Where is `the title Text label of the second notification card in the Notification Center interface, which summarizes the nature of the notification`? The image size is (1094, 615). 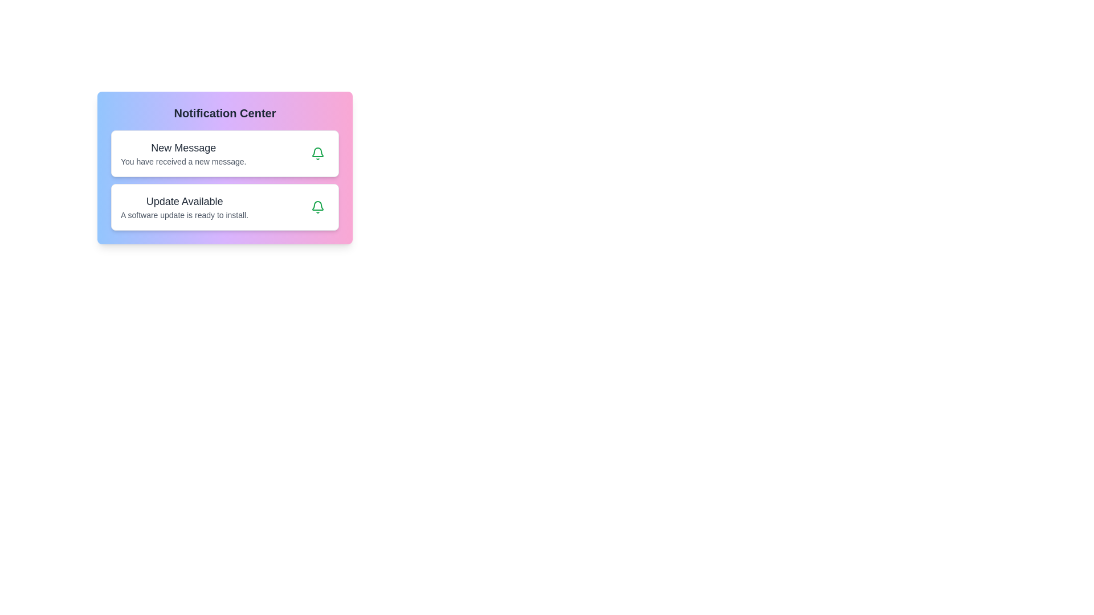 the title Text label of the second notification card in the Notification Center interface, which summarizes the nature of the notification is located at coordinates (185, 201).